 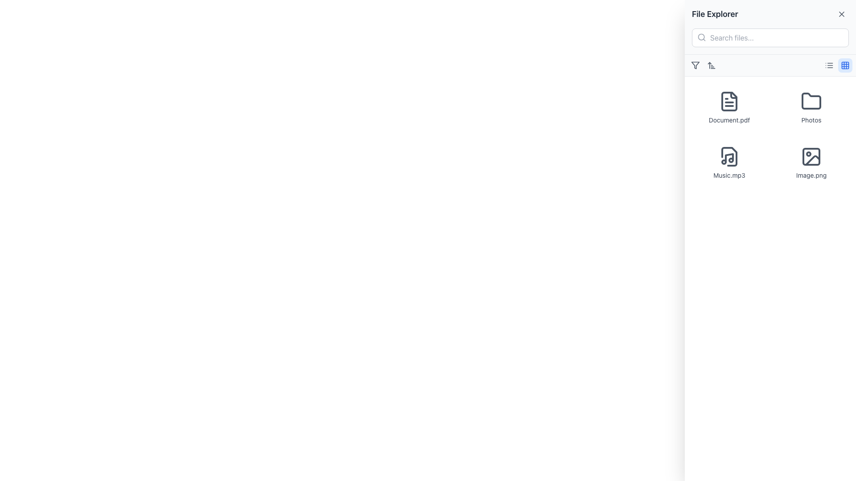 I want to click on the 'Document.pdf' File representation card, so click(x=729, y=107).